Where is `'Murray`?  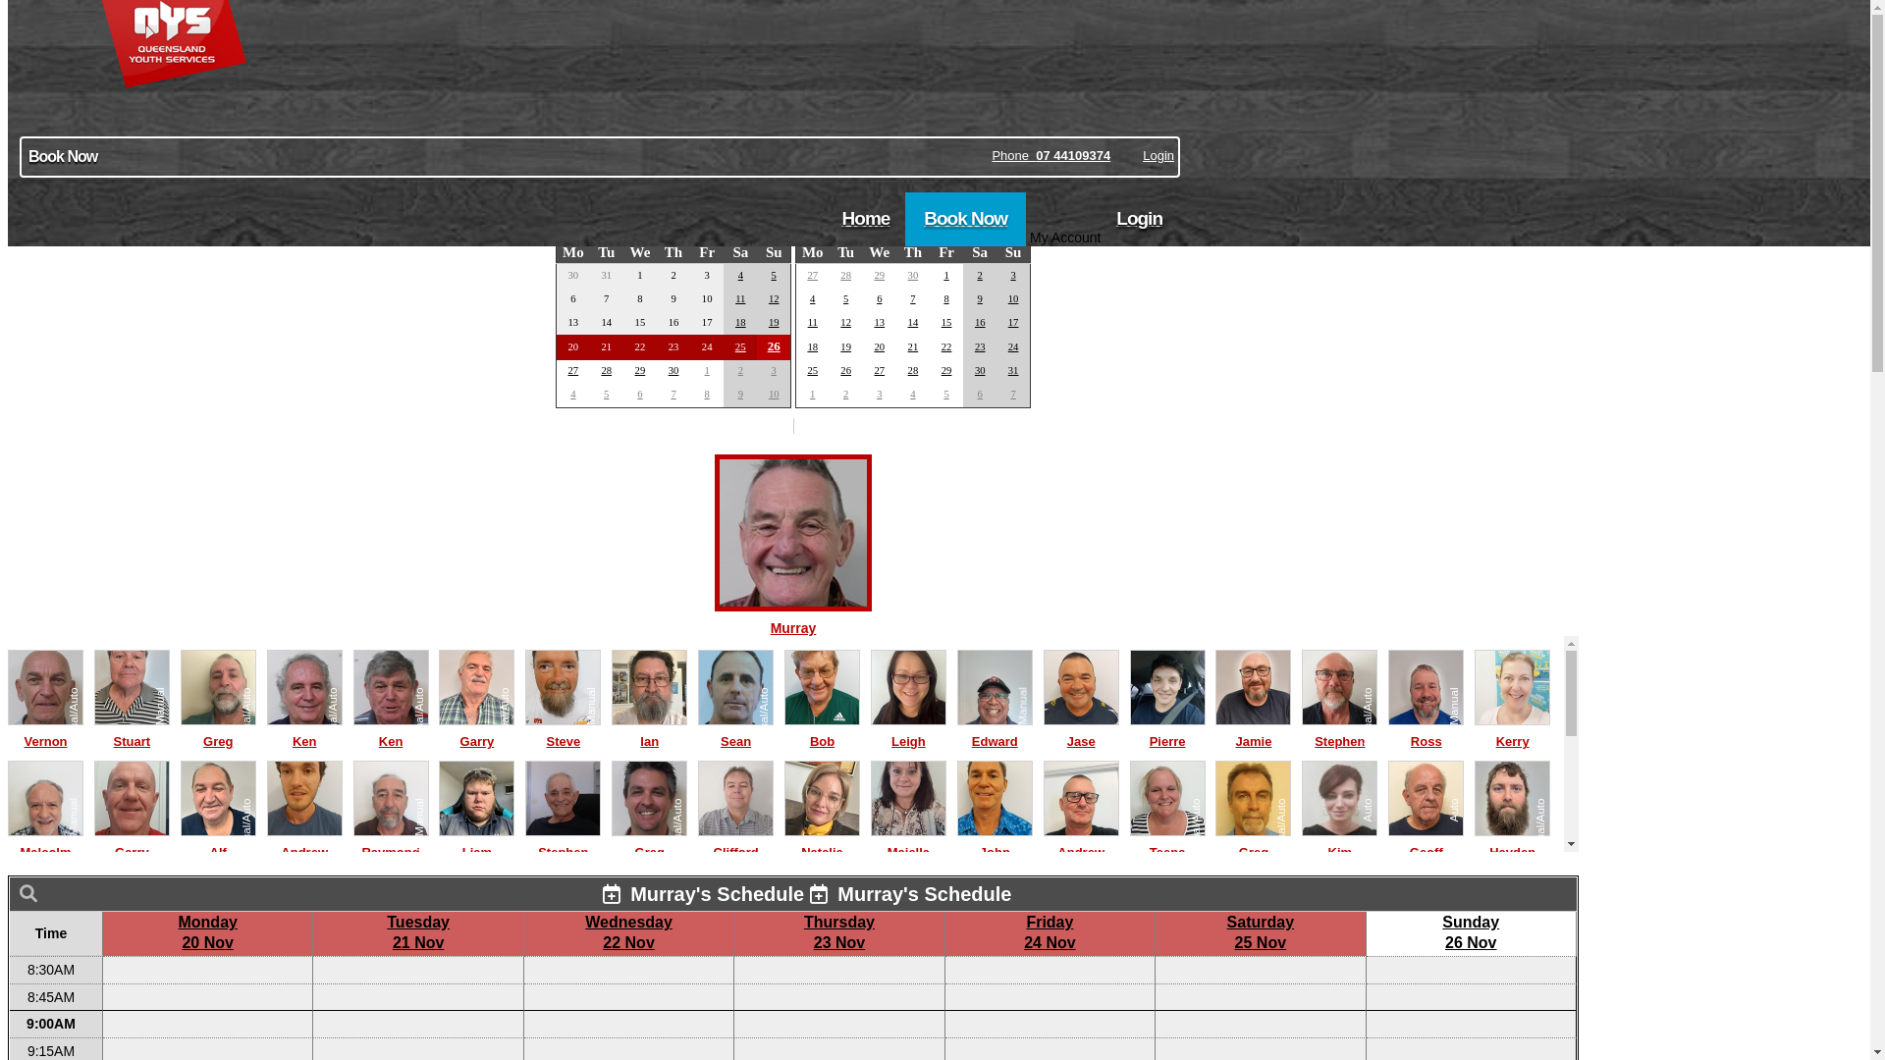 'Murray is located at coordinates (792, 616).